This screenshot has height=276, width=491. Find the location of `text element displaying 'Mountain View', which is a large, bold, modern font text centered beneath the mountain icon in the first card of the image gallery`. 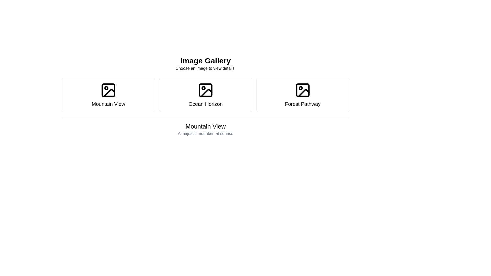

text element displaying 'Mountain View', which is a large, bold, modern font text centered beneath the mountain icon in the first card of the image gallery is located at coordinates (108, 104).